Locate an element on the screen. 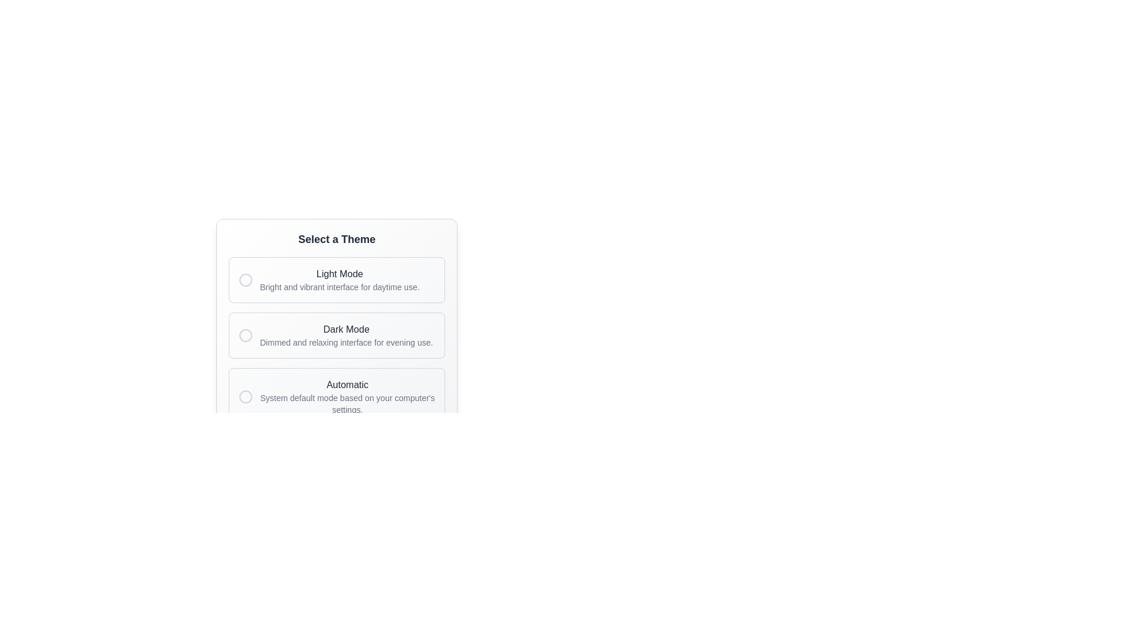 This screenshot has width=1132, height=637. the 'Automatic' radio button option, which is the third selectable option in the 'Select a Theme' list is located at coordinates (336, 396).